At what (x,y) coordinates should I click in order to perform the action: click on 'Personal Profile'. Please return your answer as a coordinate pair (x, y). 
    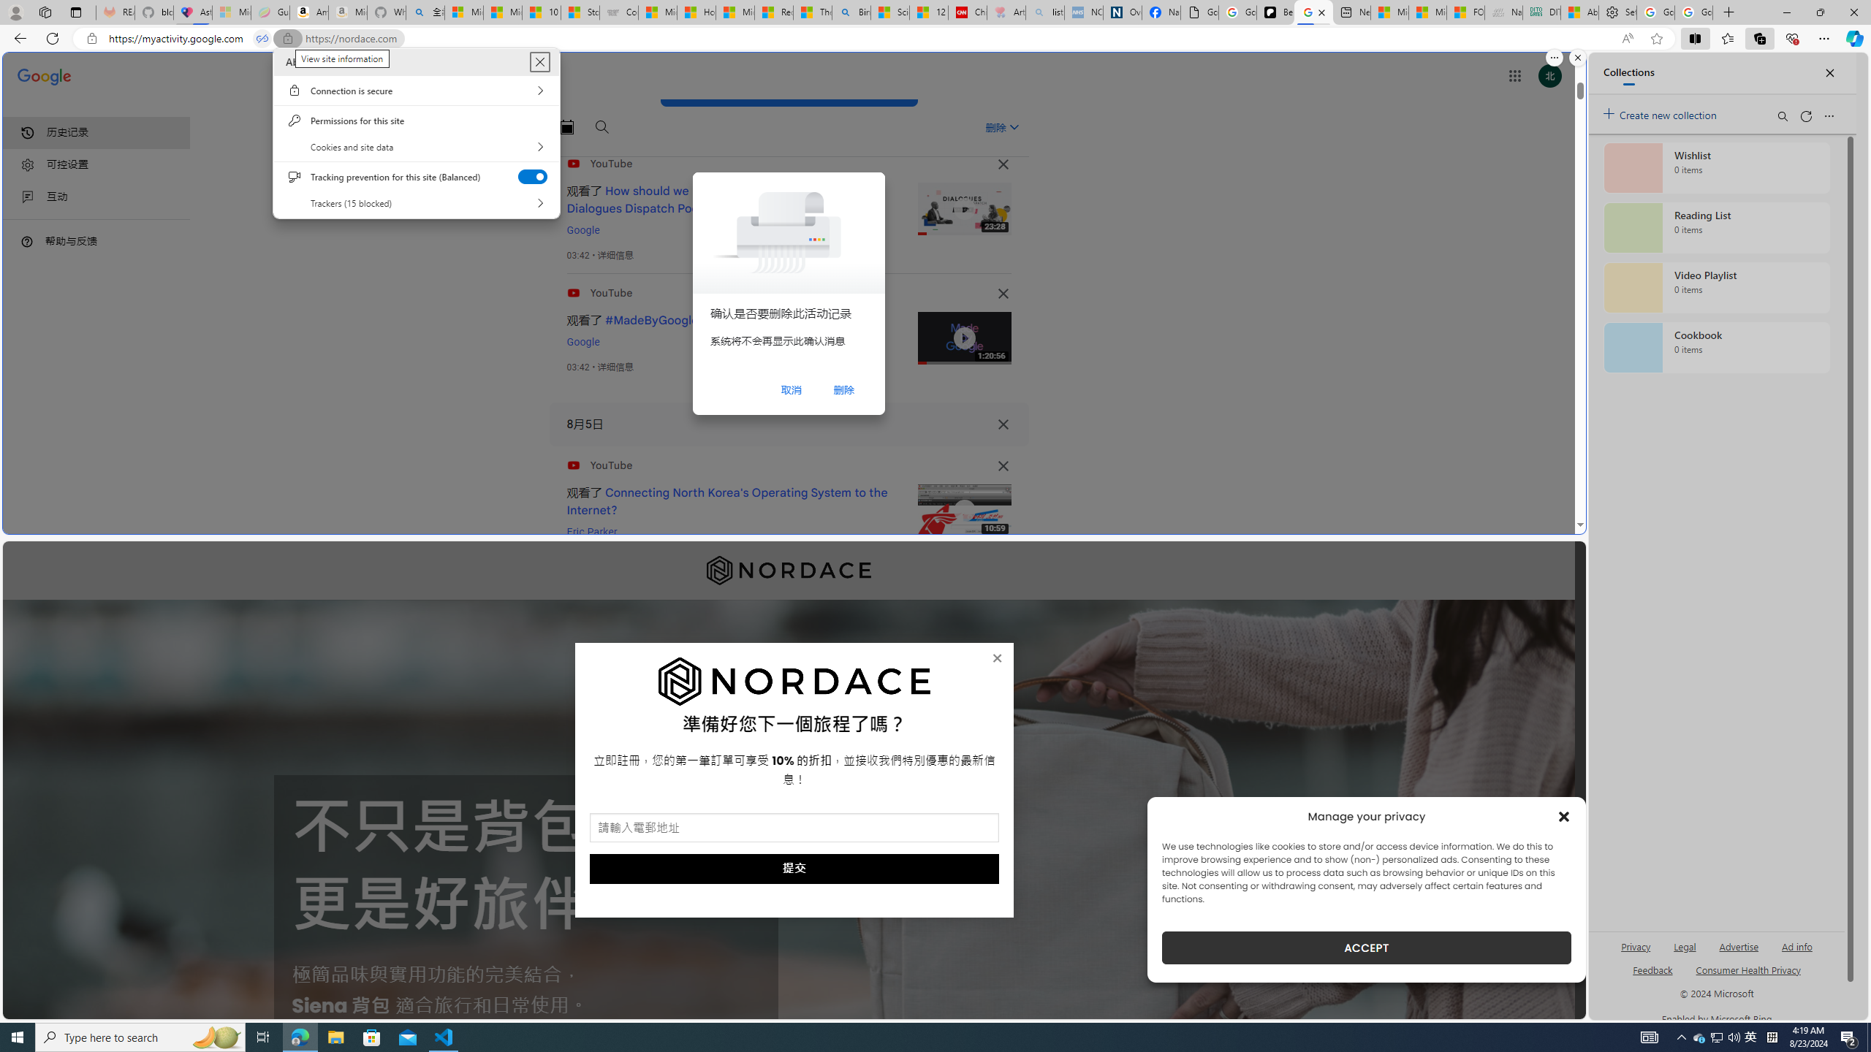
    Looking at the image, I should click on (15, 12).